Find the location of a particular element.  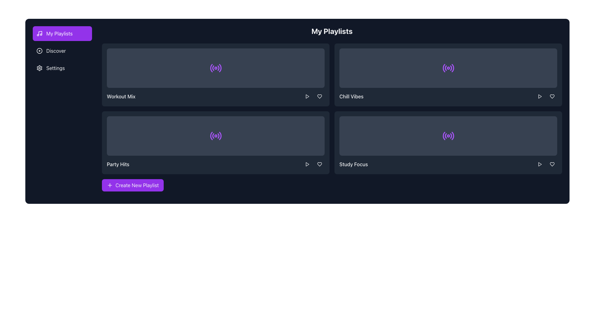

the outermost line of the five-layered wave icon, which is the fifth element in a circular group on the right side of the 'Study Focus' playlist card is located at coordinates (452, 135).